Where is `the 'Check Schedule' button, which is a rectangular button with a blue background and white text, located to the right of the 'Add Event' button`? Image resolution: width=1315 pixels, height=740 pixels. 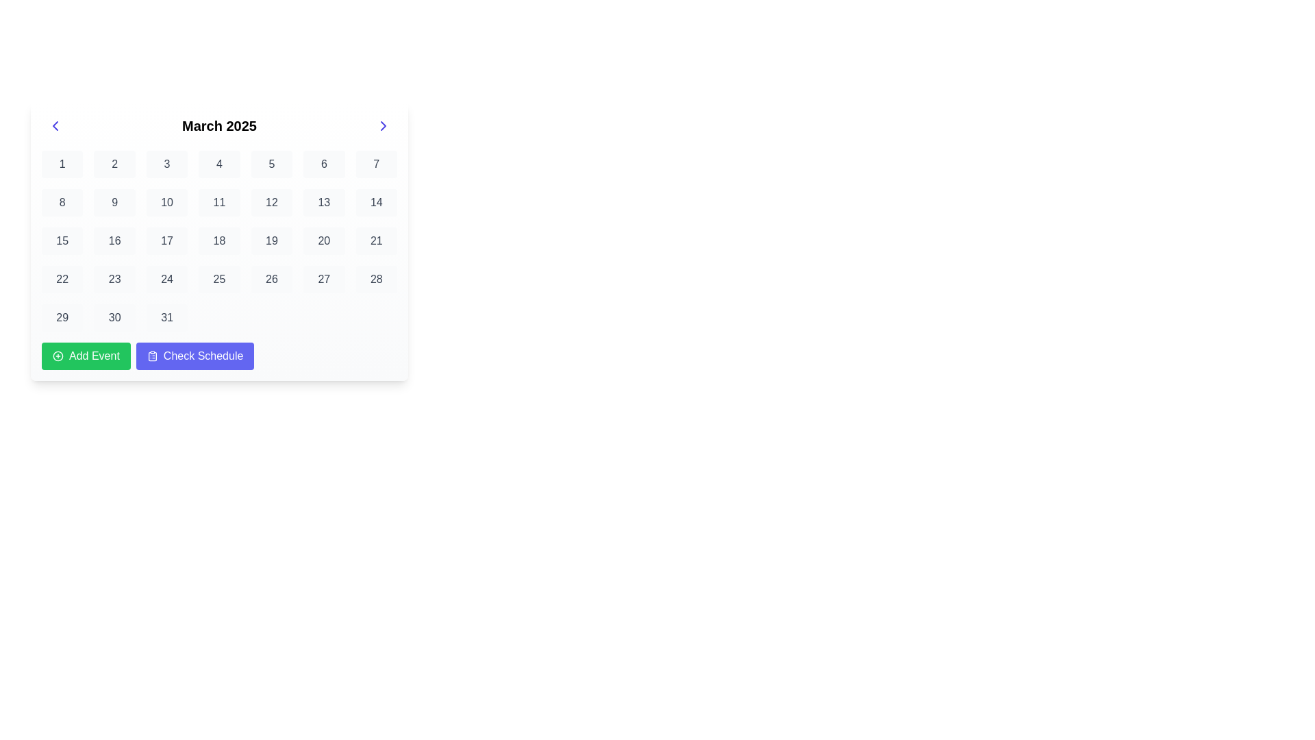 the 'Check Schedule' button, which is a rectangular button with a blue background and white text, located to the right of the 'Add Event' button is located at coordinates (195, 356).